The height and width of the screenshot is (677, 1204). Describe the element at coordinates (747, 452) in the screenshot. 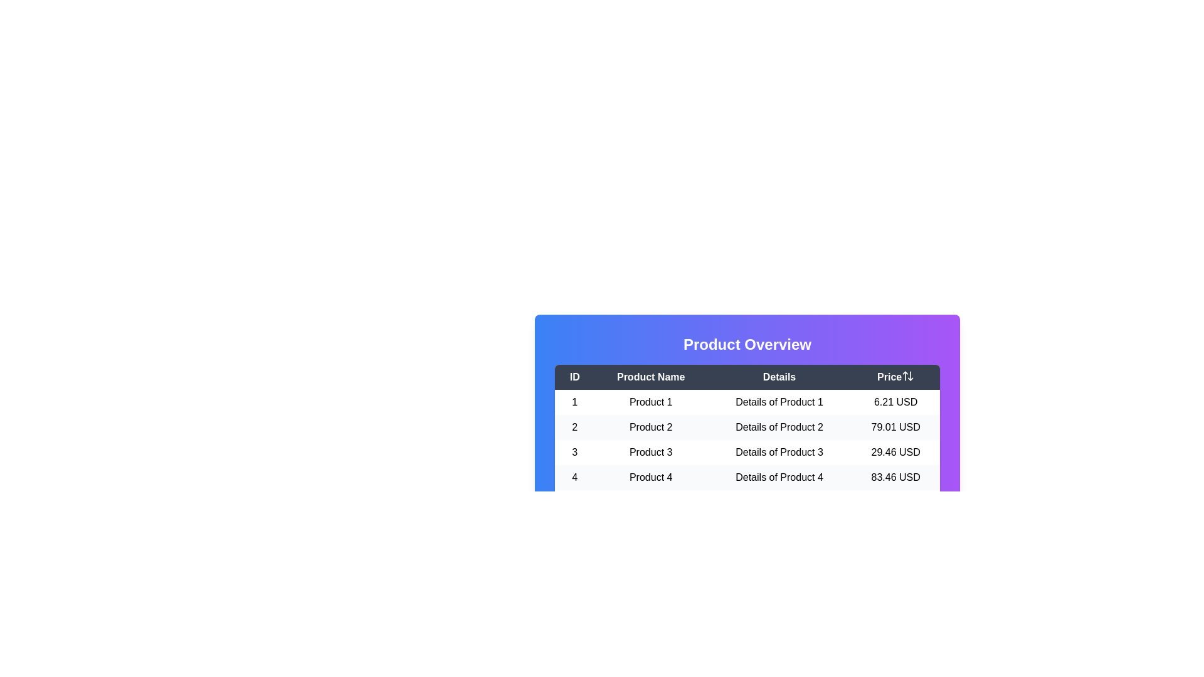

I see `the row corresponding to 3` at that location.